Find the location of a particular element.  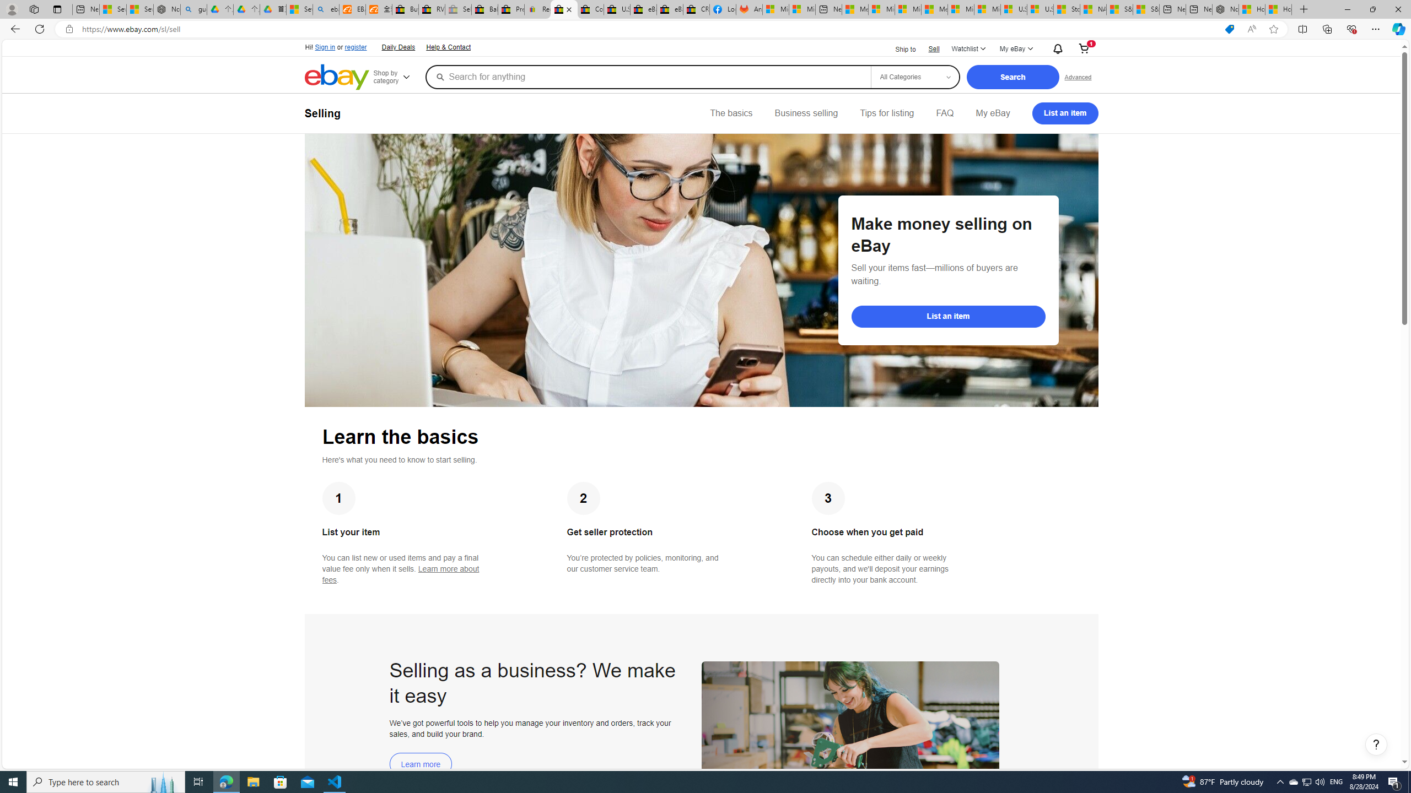

'Sign in' is located at coordinates (325, 47).